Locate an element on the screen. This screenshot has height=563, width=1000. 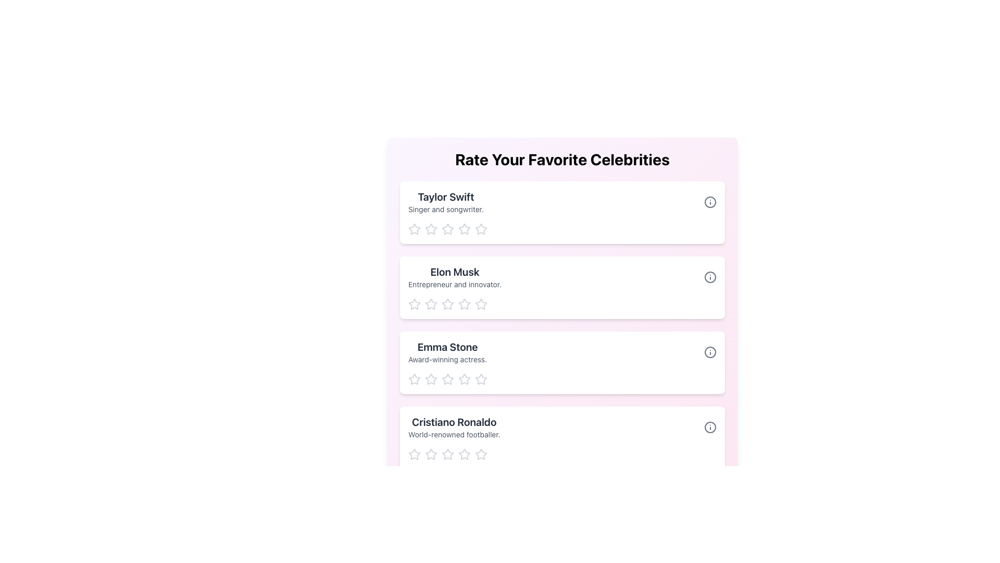
the text block containing the headline 'Elon Musk' and subtitle 'Entrepreneur and innovator.' to interact with adjacent items in the list is located at coordinates (455, 277).